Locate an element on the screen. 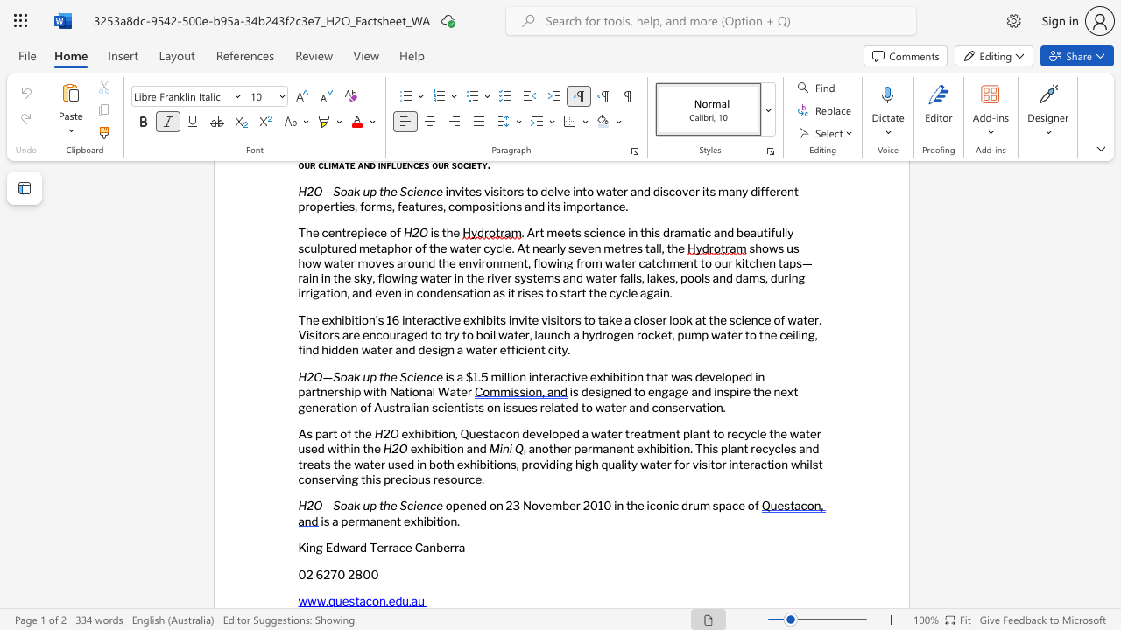 The image size is (1121, 630). the space between the continuous character "c" and "o" in the text is located at coordinates (371, 600).